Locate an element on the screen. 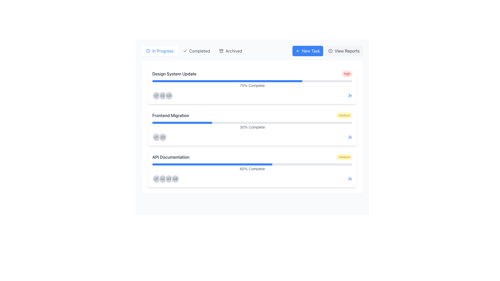 The height and width of the screenshot is (281, 500). the text label 'U2' inside the circular badge located in the 'Design System Update' section, which is the second badge from the left in a group of badges labeled 'U1', 'U2', and 'U3' is located at coordinates (162, 95).